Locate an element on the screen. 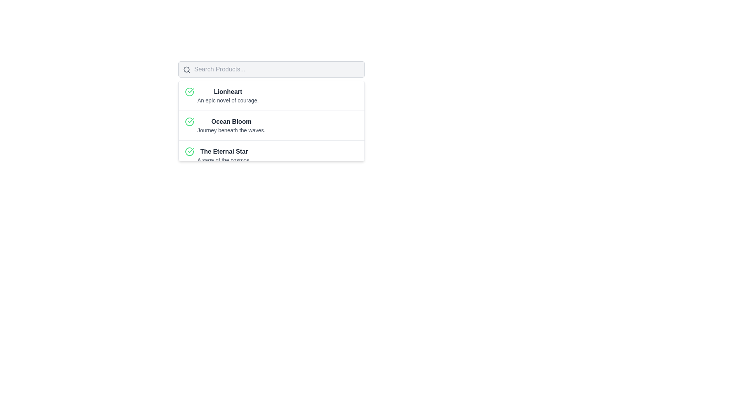 The width and height of the screenshot is (746, 419). the second item Card in the vertically stacked scrollbar list beneath the search bar is located at coordinates (272, 125).